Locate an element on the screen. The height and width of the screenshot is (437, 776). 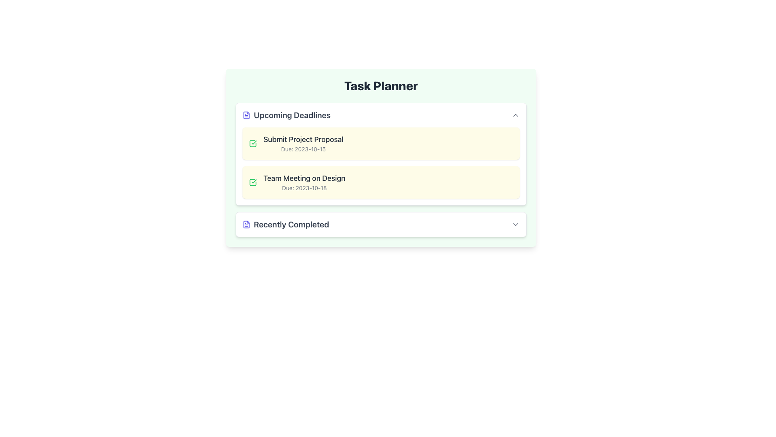
the document icon with a purple outline located to the left of the 'Recently Completed' text label is located at coordinates (246, 225).